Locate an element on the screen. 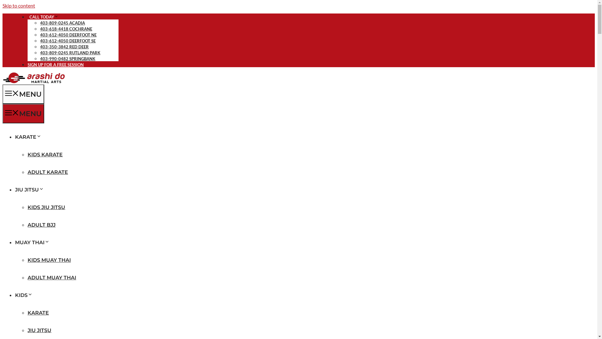 The image size is (602, 339). '403-612-4050 DEERFOOT SE' is located at coordinates (68, 41).